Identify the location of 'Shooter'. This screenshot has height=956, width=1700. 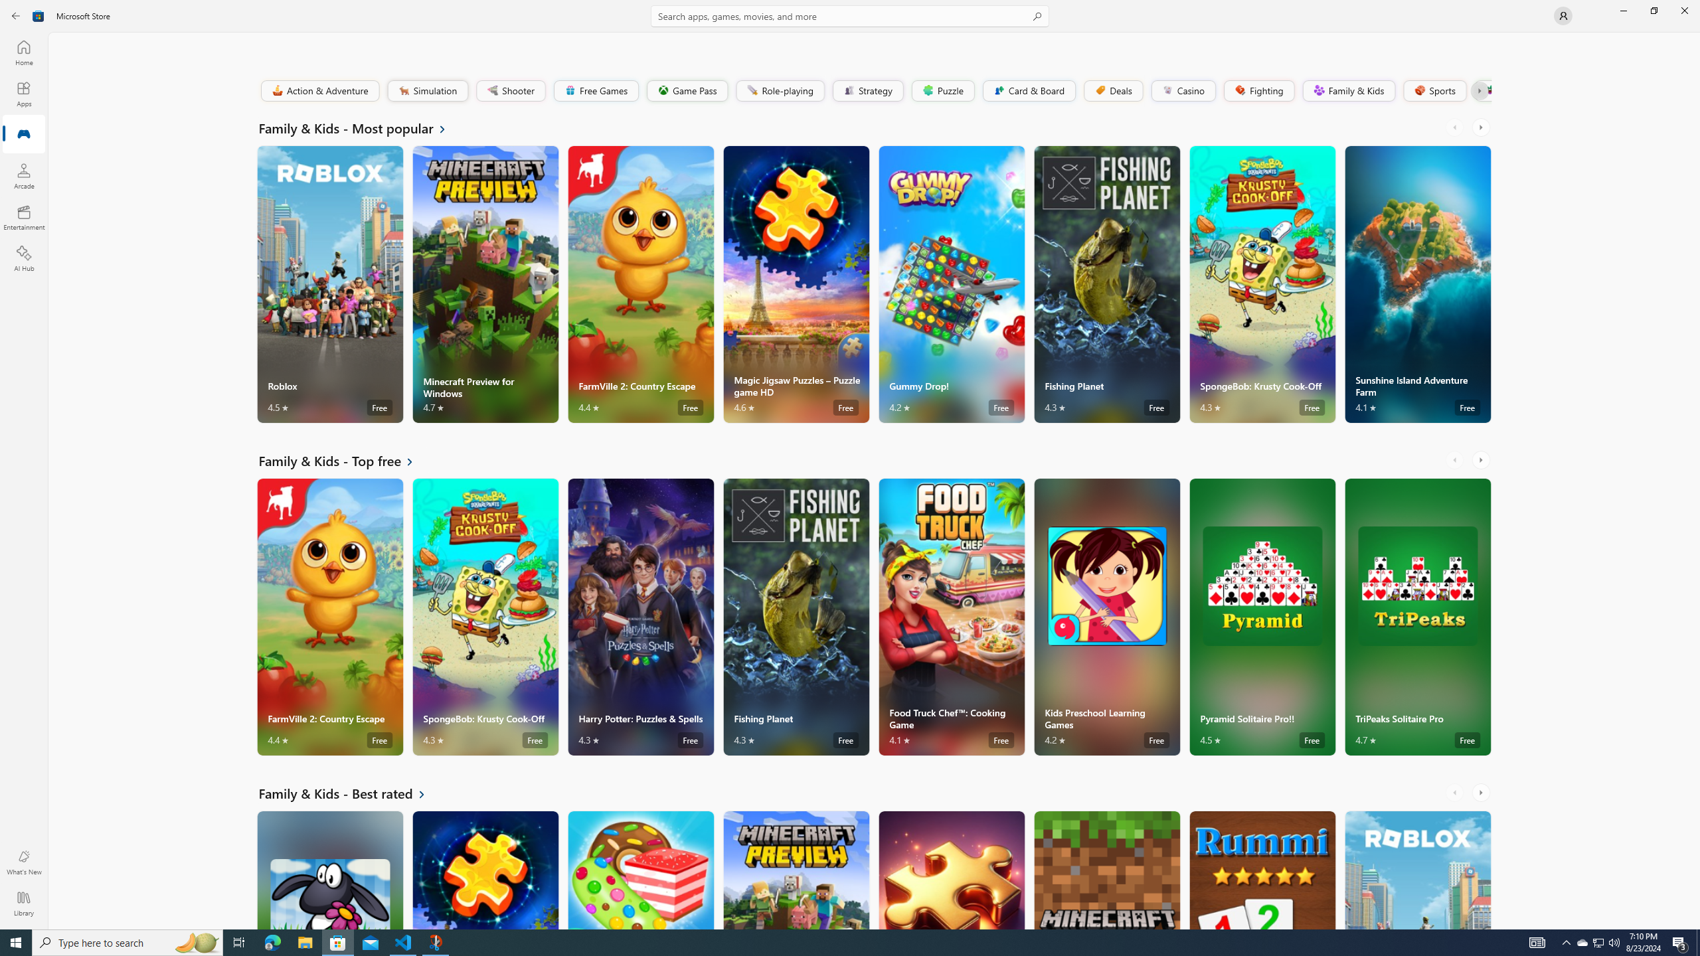
(509, 90).